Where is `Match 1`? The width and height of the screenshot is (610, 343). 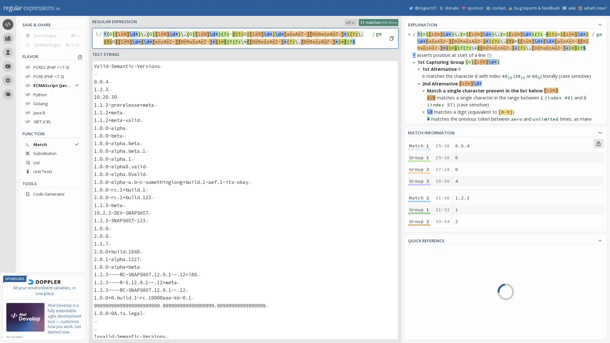
Match 1 is located at coordinates (419, 146).